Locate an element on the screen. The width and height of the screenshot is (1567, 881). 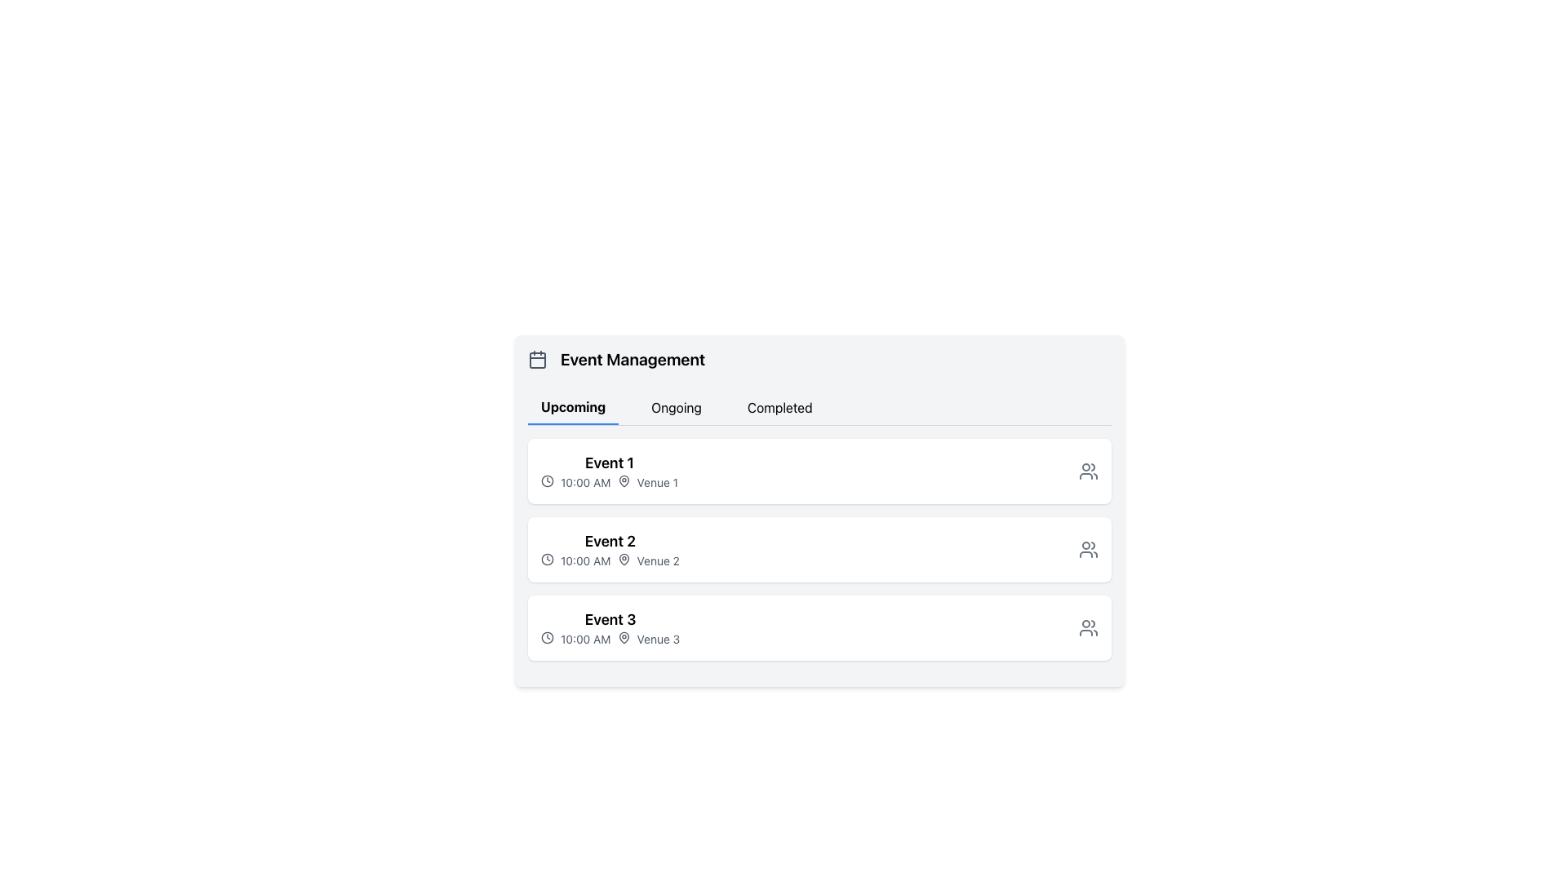
the time icon located at the start of the row containing '10:00 AM' and 'Venue 2' under 'Event 2' in the 'Upcoming' tab of the 'Event Management' section is located at coordinates (548, 559).